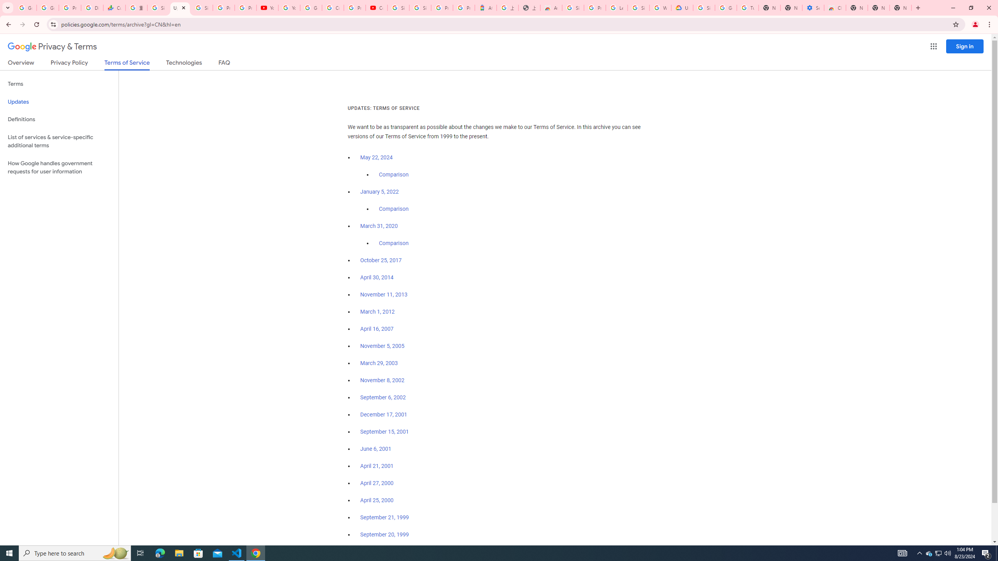  What do you see at coordinates (381, 260) in the screenshot?
I see `'October 25, 2017'` at bounding box center [381, 260].